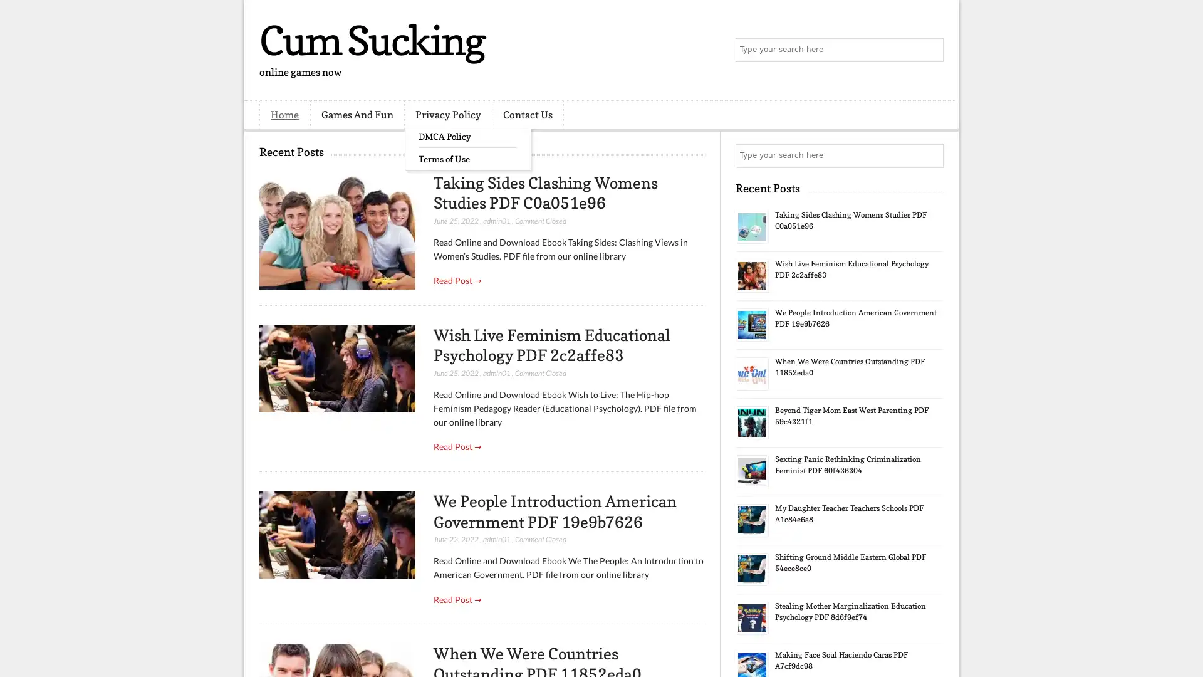  I want to click on Search, so click(930, 155).